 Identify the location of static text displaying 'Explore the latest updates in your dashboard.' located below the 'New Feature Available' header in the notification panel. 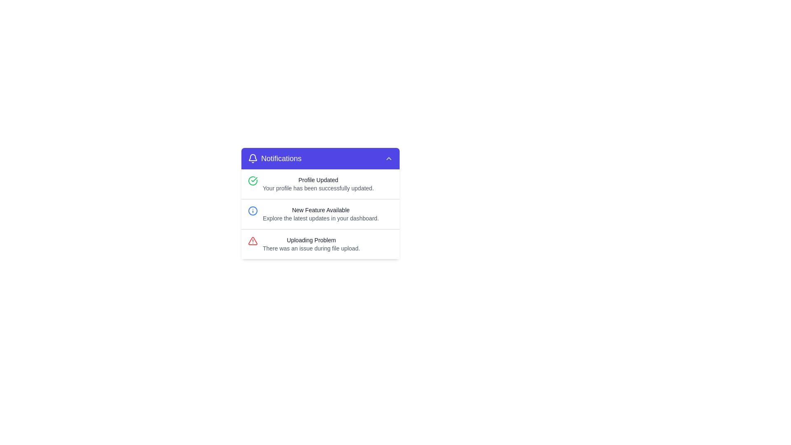
(320, 218).